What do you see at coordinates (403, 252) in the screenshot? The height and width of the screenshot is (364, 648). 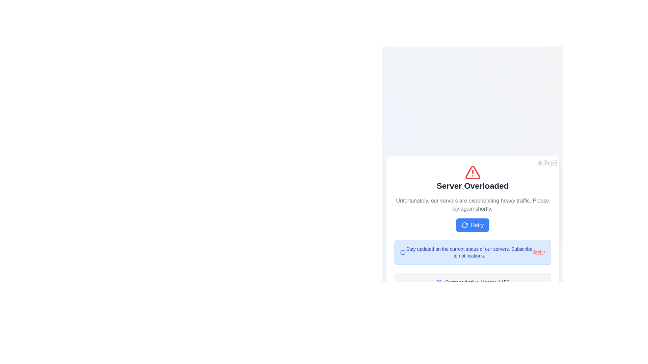 I see `the informational icon located at the leftmost part of the light blue notification card, which indicates the purpose of the accompanying message` at bounding box center [403, 252].